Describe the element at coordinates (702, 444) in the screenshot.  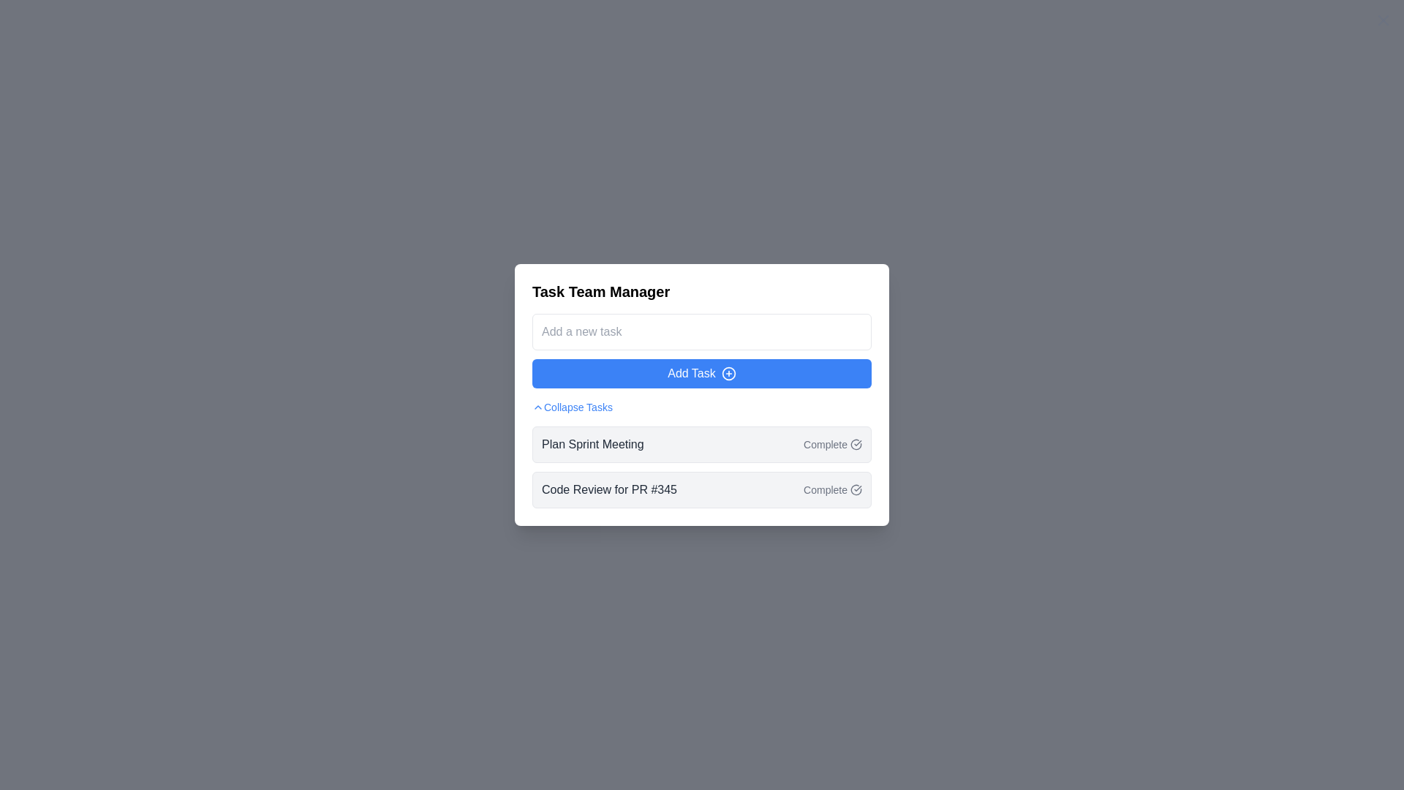
I see `the task item labeled 'Plan Sprint Meeting'` at that location.